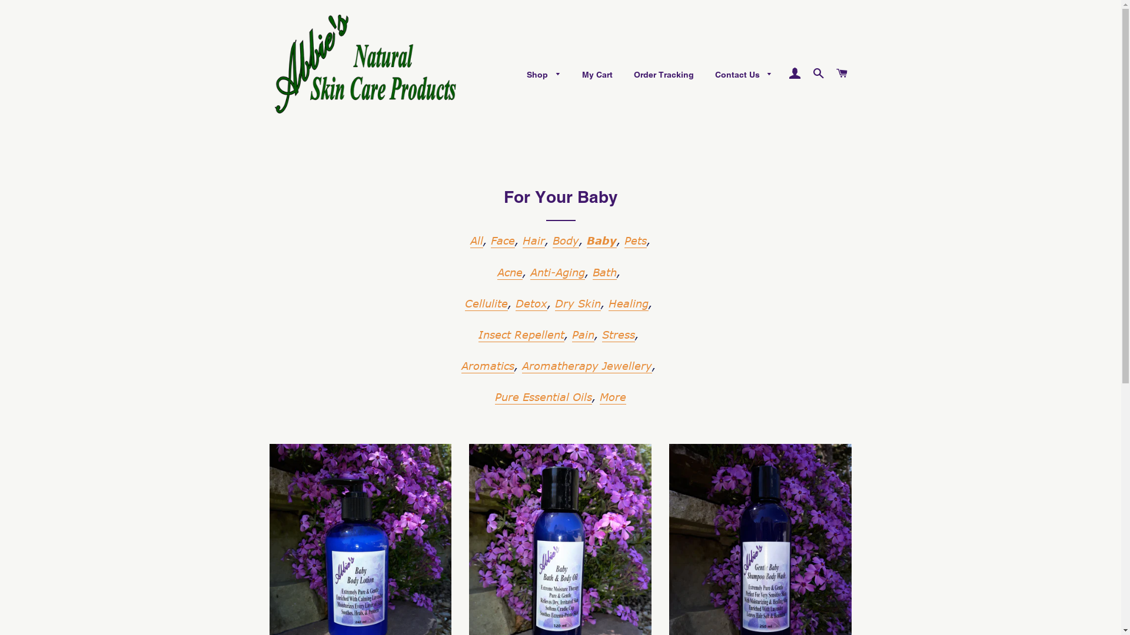  I want to click on 'Dry Skin', so click(578, 303).